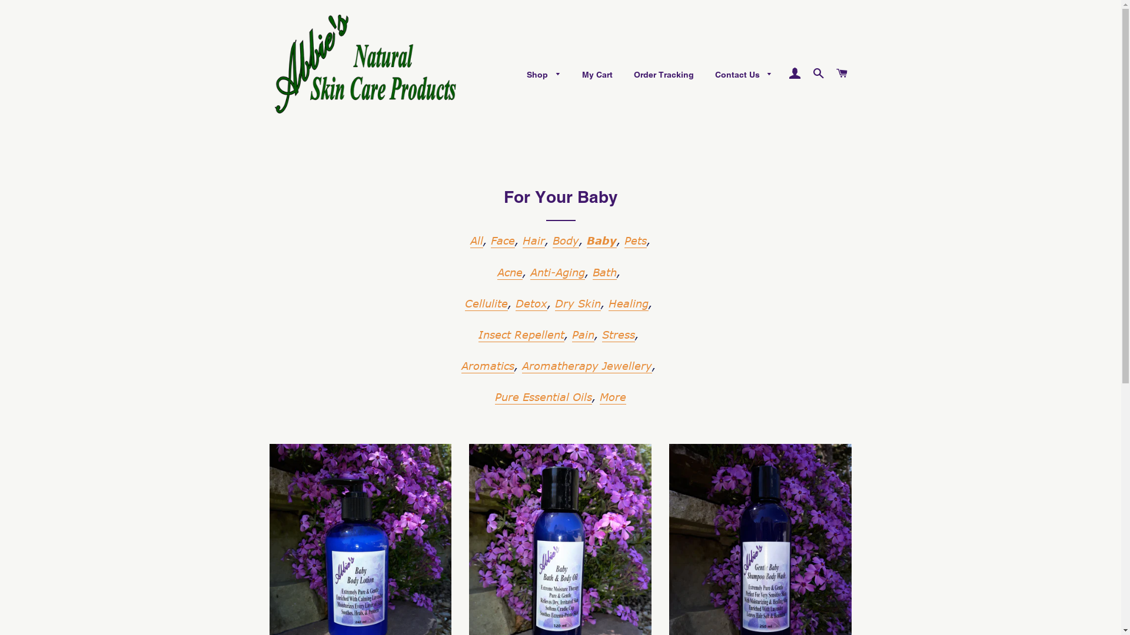  I want to click on 'Dry Skin', so click(578, 303).